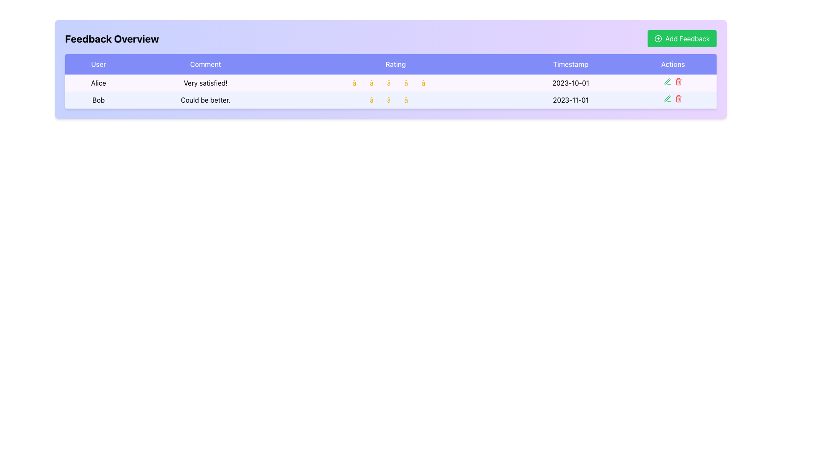 The height and width of the screenshot is (460, 818). Describe the element at coordinates (390, 83) in the screenshot. I see `the first row of the feedback overview table that contains user feedback information, including labels for 'User', 'Comment', 'Rating', 'Timestamp', and 'Actions'` at that location.